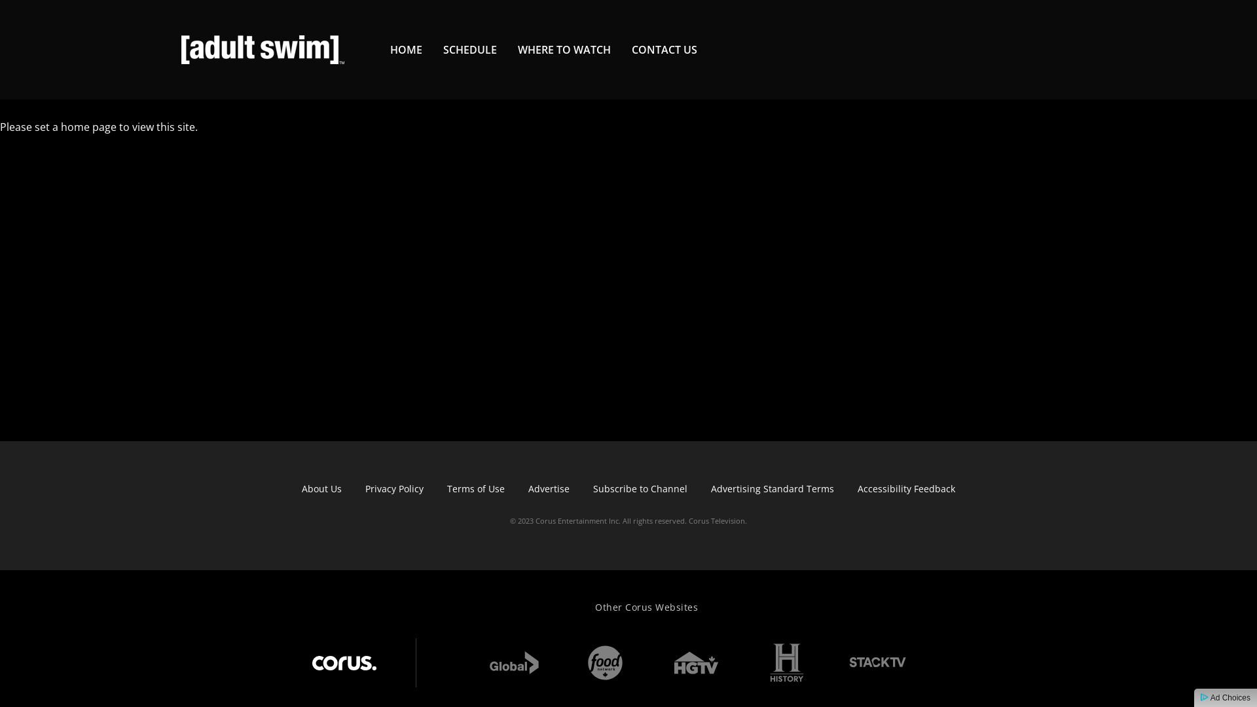 This screenshot has width=1257, height=707. Describe the element at coordinates (344, 662) in the screenshot. I see `'Corus'` at that location.